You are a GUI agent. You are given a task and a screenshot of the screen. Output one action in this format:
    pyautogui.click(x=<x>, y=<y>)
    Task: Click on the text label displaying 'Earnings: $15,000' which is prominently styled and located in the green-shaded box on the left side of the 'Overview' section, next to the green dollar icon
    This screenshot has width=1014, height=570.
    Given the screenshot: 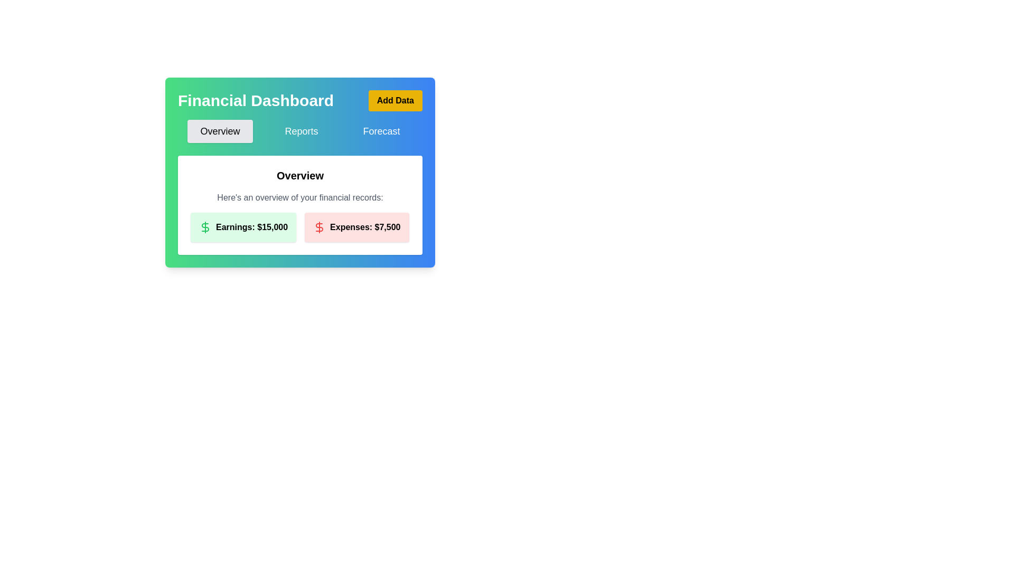 What is the action you would take?
    pyautogui.click(x=251, y=227)
    